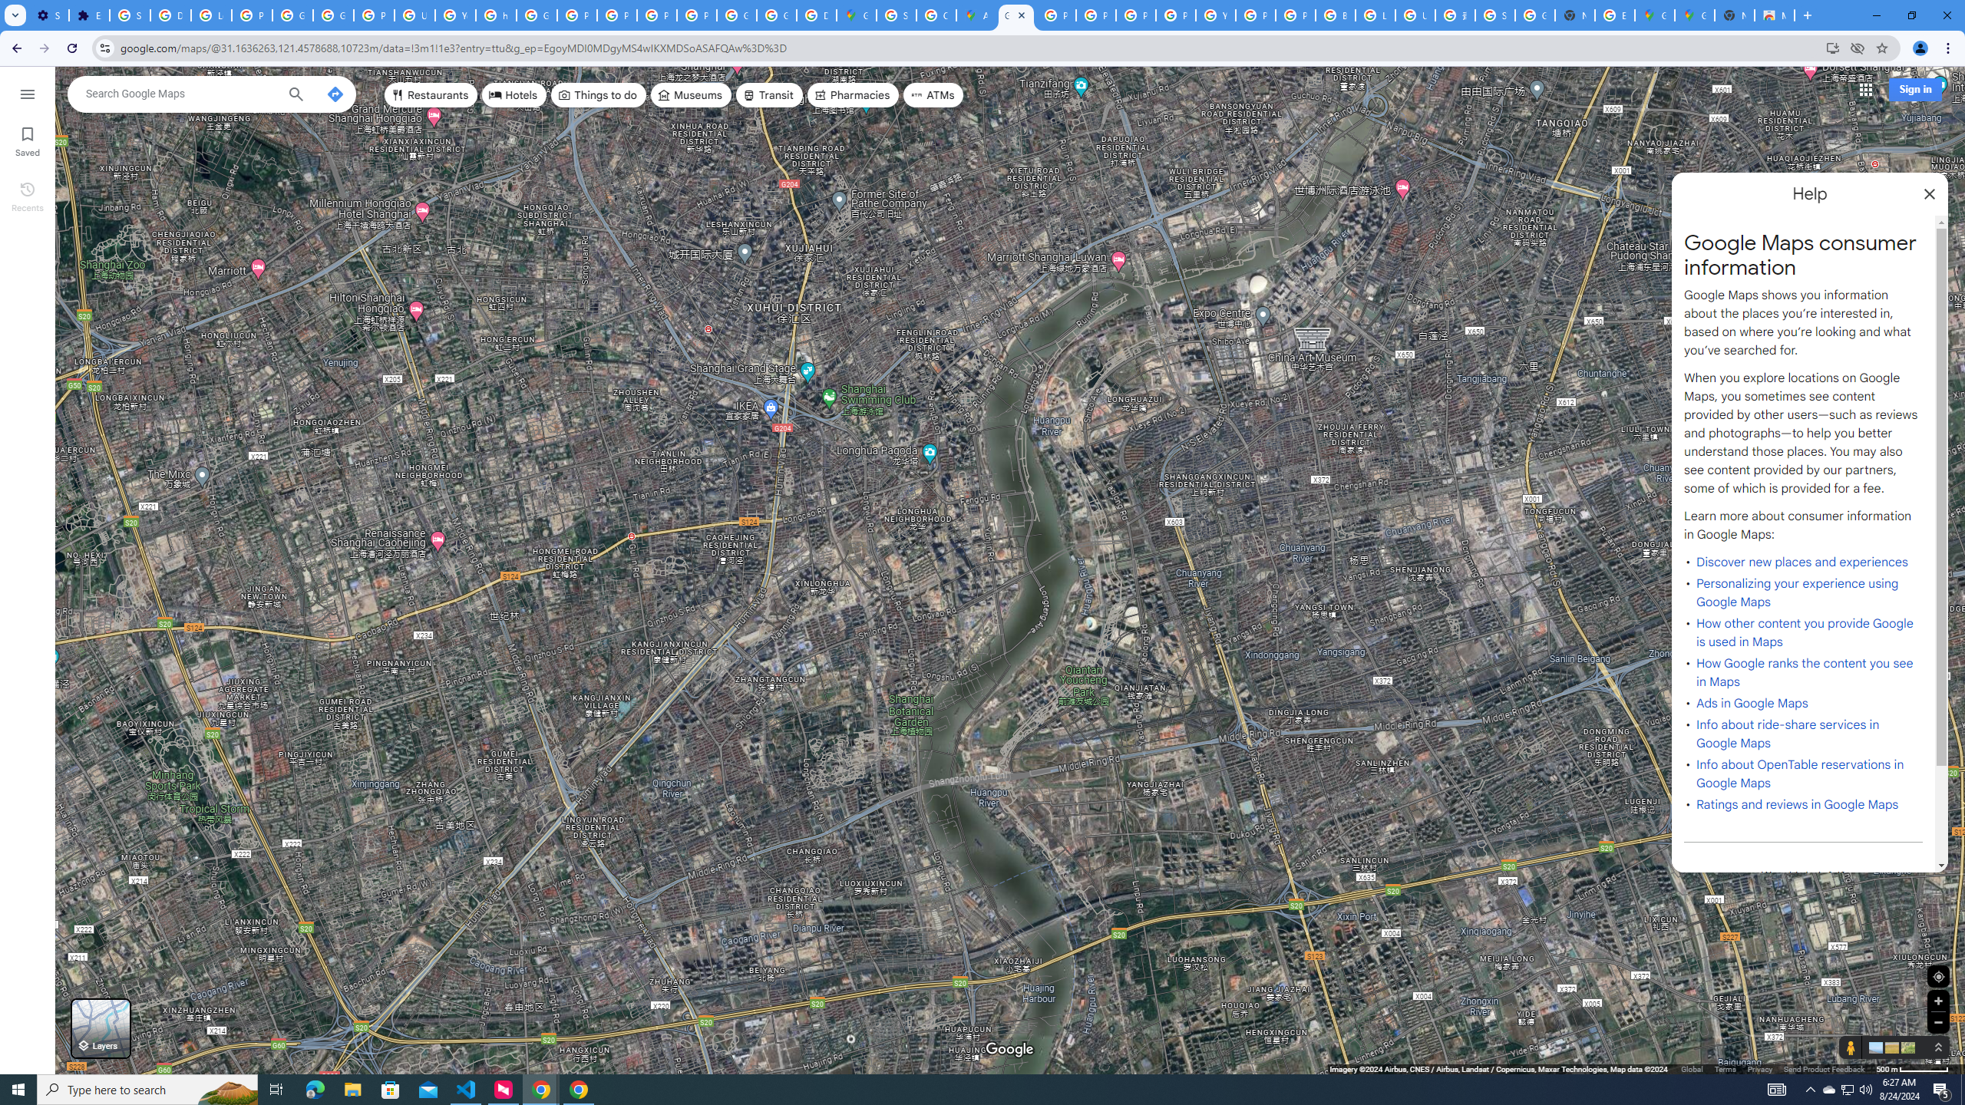 The width and height of the screenshot is (1965, 1105). Describe the element at coordinates (1824, 1069) in the screenshot. I see `'Send Product Feedback'` at that location.